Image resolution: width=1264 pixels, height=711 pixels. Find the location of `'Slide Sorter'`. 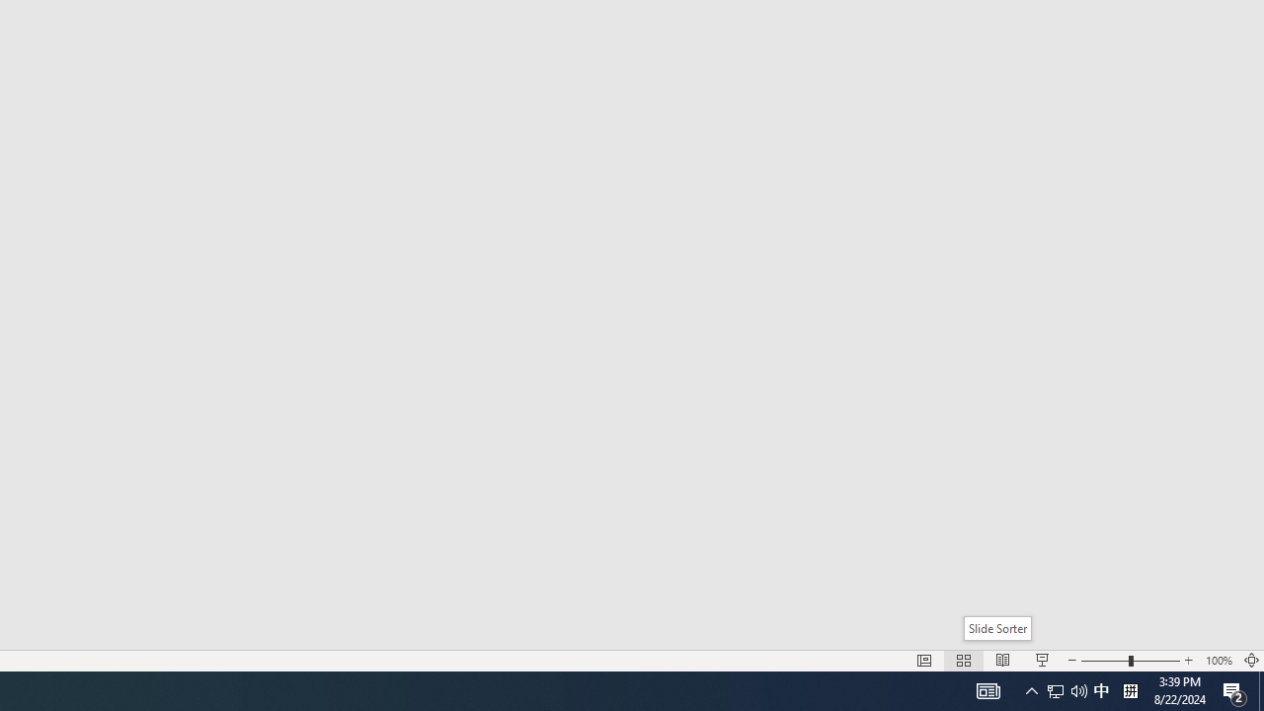

'Slide Sorter' is located at coordinates (996, 628).